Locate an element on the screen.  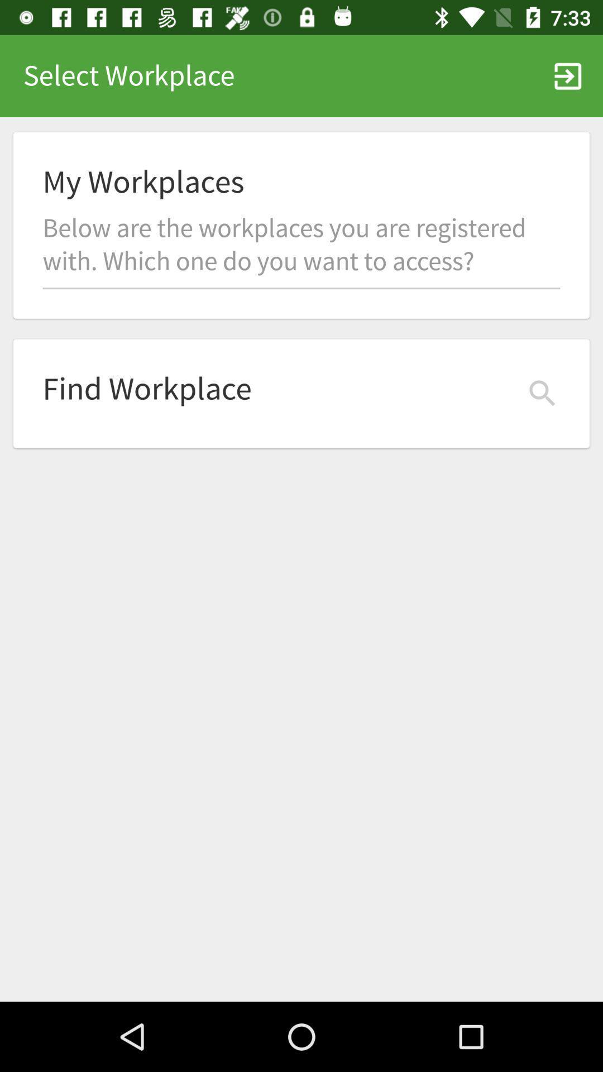
icon to the right of the select workplace item is located at coordinates (568, 75).